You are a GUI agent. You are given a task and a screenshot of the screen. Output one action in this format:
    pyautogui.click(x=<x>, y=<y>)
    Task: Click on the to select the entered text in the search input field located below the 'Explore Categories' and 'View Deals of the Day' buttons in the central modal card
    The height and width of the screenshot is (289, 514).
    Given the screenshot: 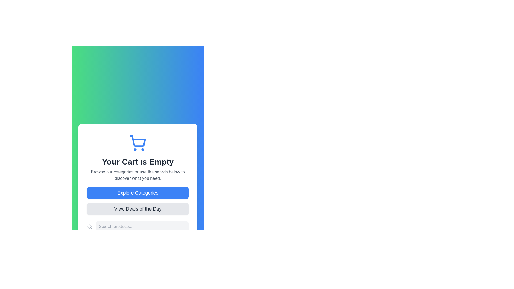 What is the action you would take?
    pyautogui.click(x=138, y=233)
    